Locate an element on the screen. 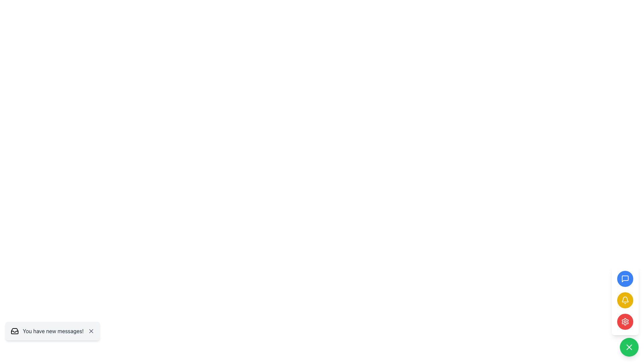 The height and width of the screenshot is (362, 644). the bottom-right circular button in the vertical set of action buttons is located at coordinates (629, 347).